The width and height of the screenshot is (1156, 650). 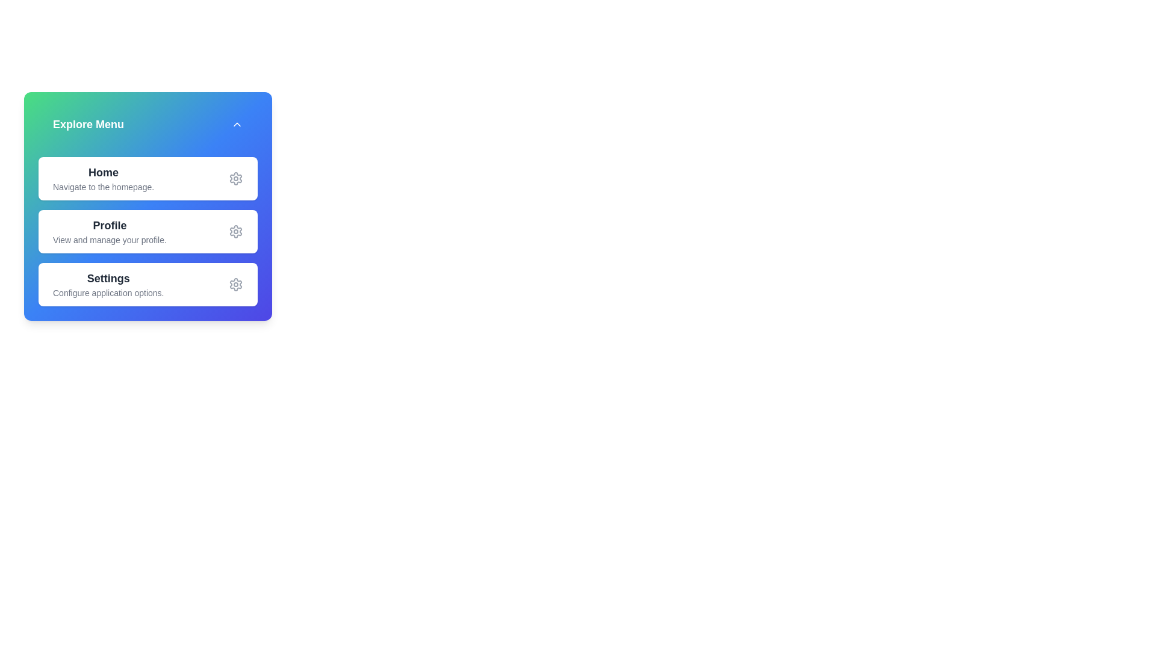 I want to click on the description of the menu item Home, so click(x=104, y=179).